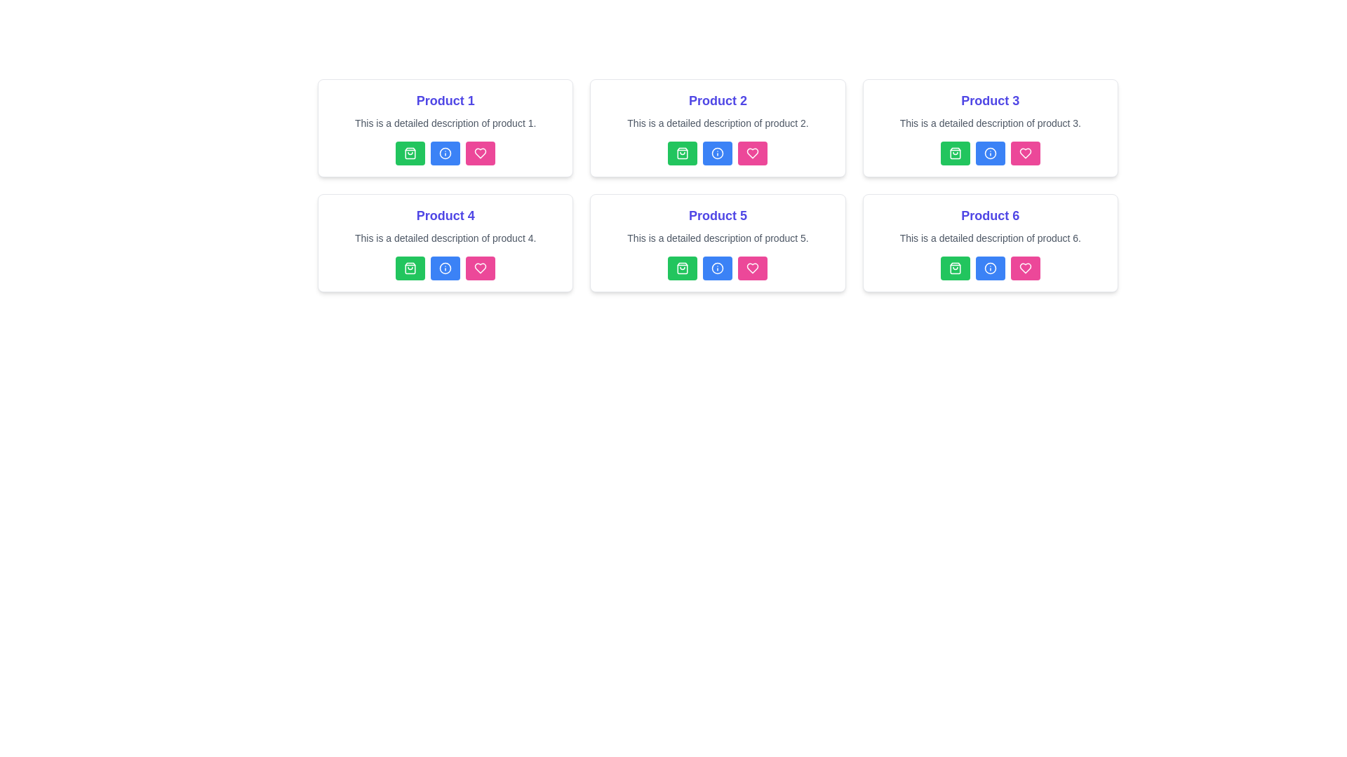 This screenshot has height=757, width=1347. What do you see at coordinates (989, 100) in the screenshot?
I see `the Text label that serves as the title for the product card, located at the top center of the third column in the grid structure` at bounding box center [989, 100].